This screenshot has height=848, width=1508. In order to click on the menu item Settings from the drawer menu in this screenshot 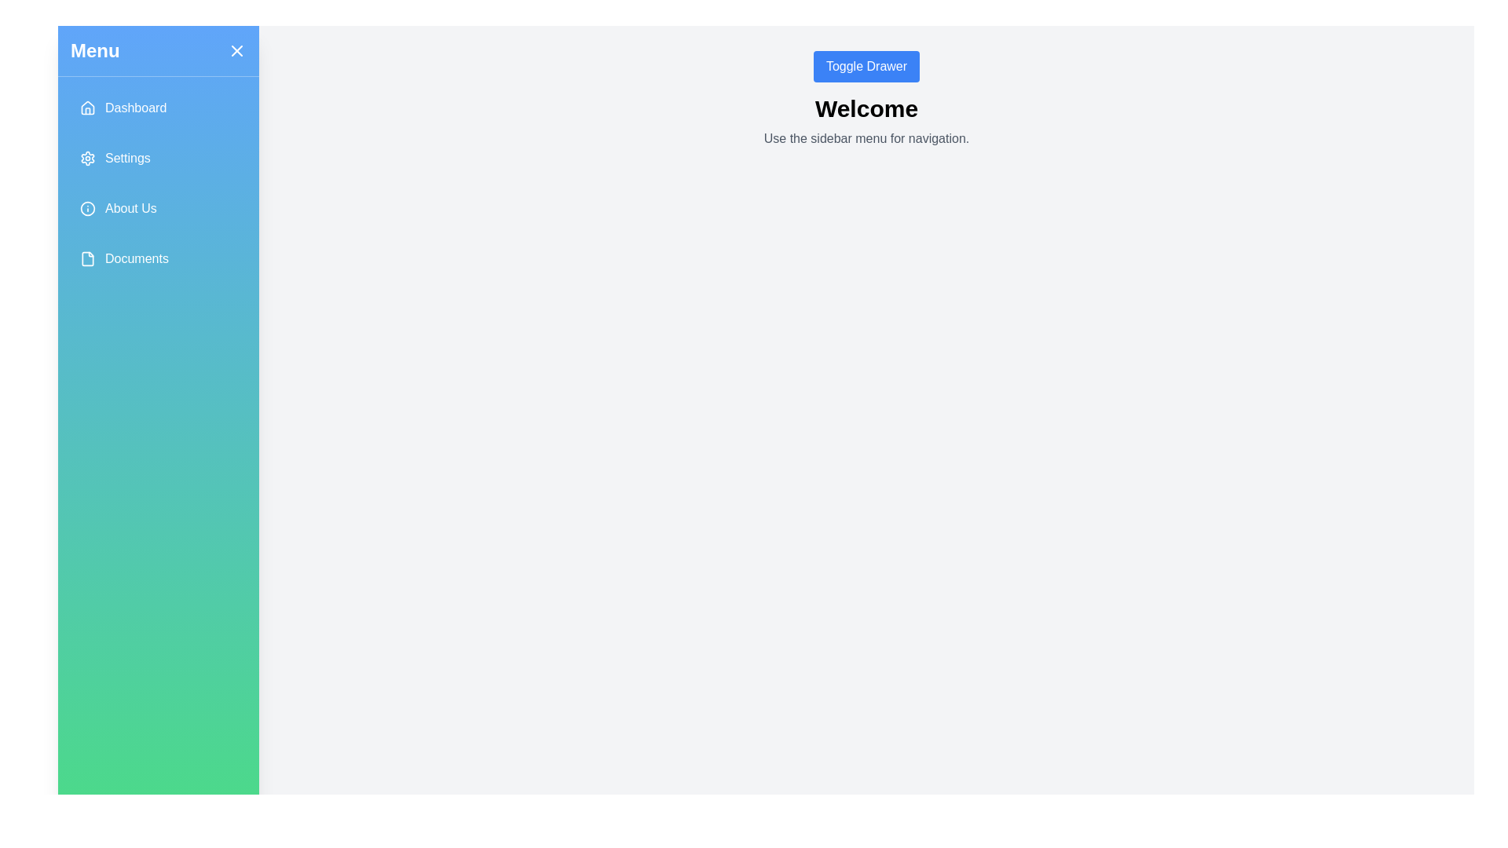, I will do `click(158, 158)`.